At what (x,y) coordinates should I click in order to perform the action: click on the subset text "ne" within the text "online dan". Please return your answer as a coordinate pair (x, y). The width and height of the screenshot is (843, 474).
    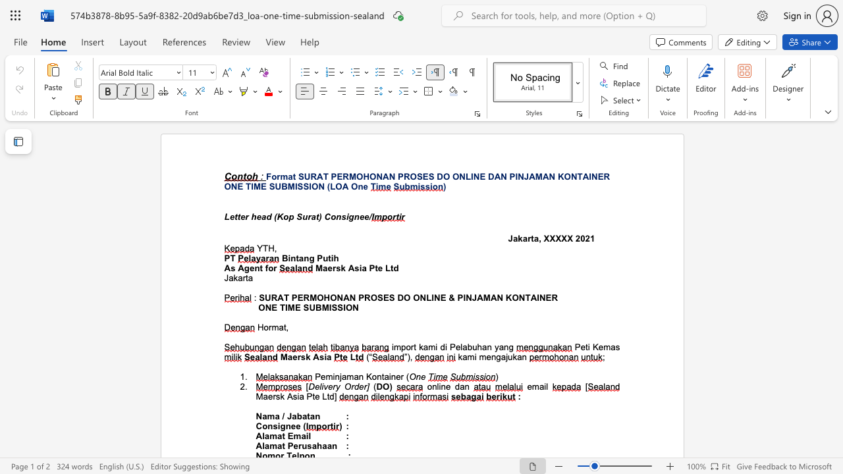
    Looking at the image, I should click on (441, 386).